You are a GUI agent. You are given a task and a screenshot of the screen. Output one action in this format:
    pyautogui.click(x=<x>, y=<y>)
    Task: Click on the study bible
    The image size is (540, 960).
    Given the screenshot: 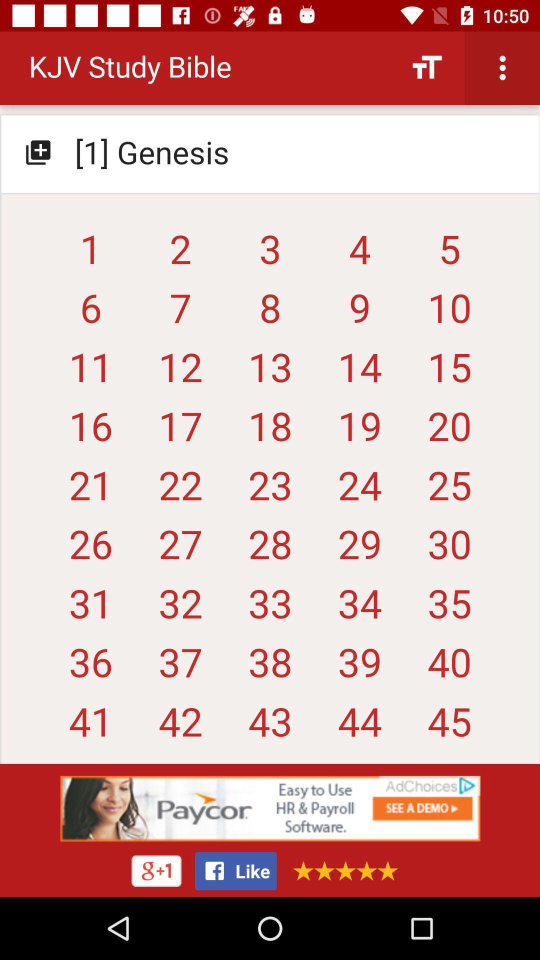 What is the action you would take?
    pyautogui.click(x=270, y=401)
    